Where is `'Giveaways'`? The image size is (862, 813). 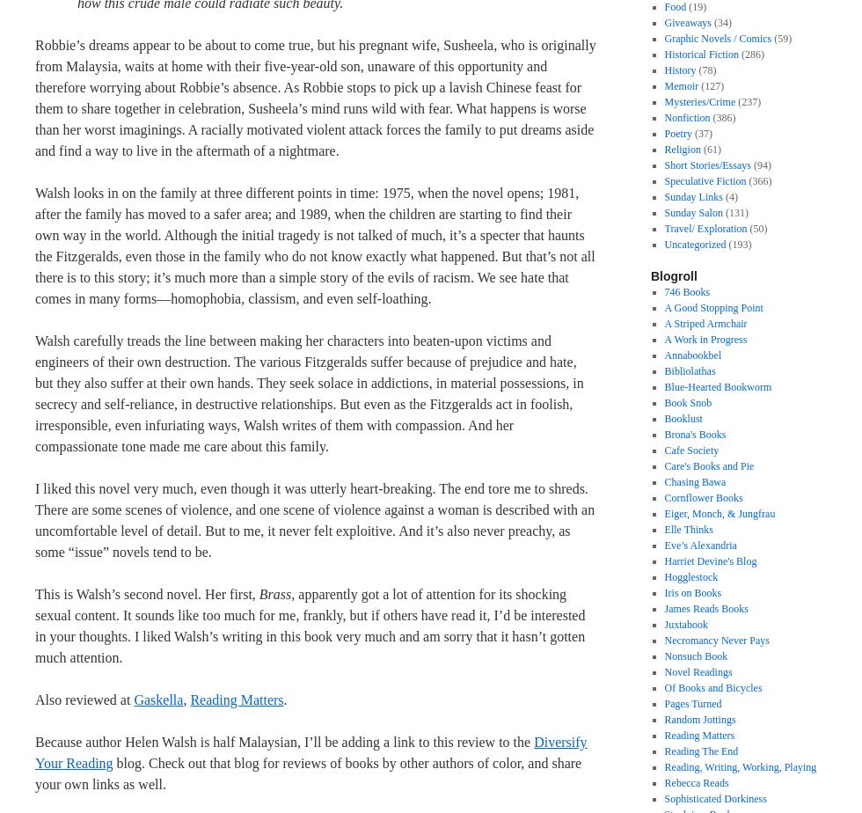
'Giveaways' is located at coordinates (687, 22).